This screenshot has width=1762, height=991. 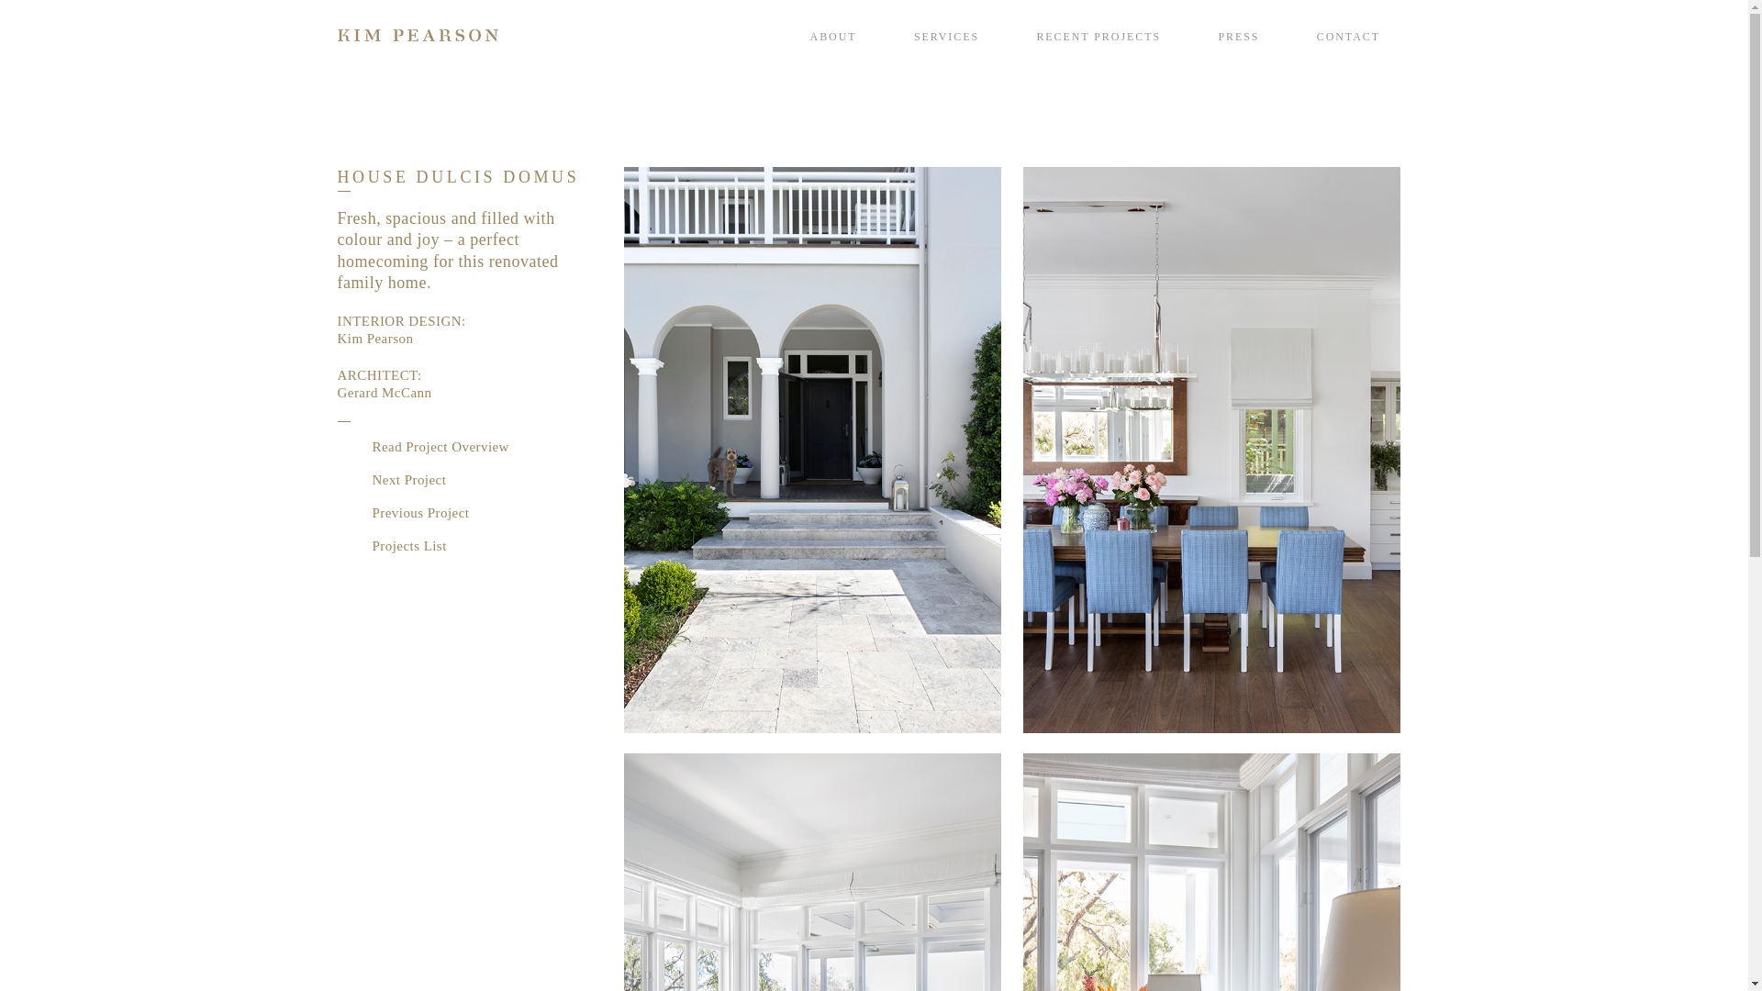 What do you see at coordinates (1238, 36) in the screenshot?
I see `'PRESS'` at bounding box center [1238, 36].